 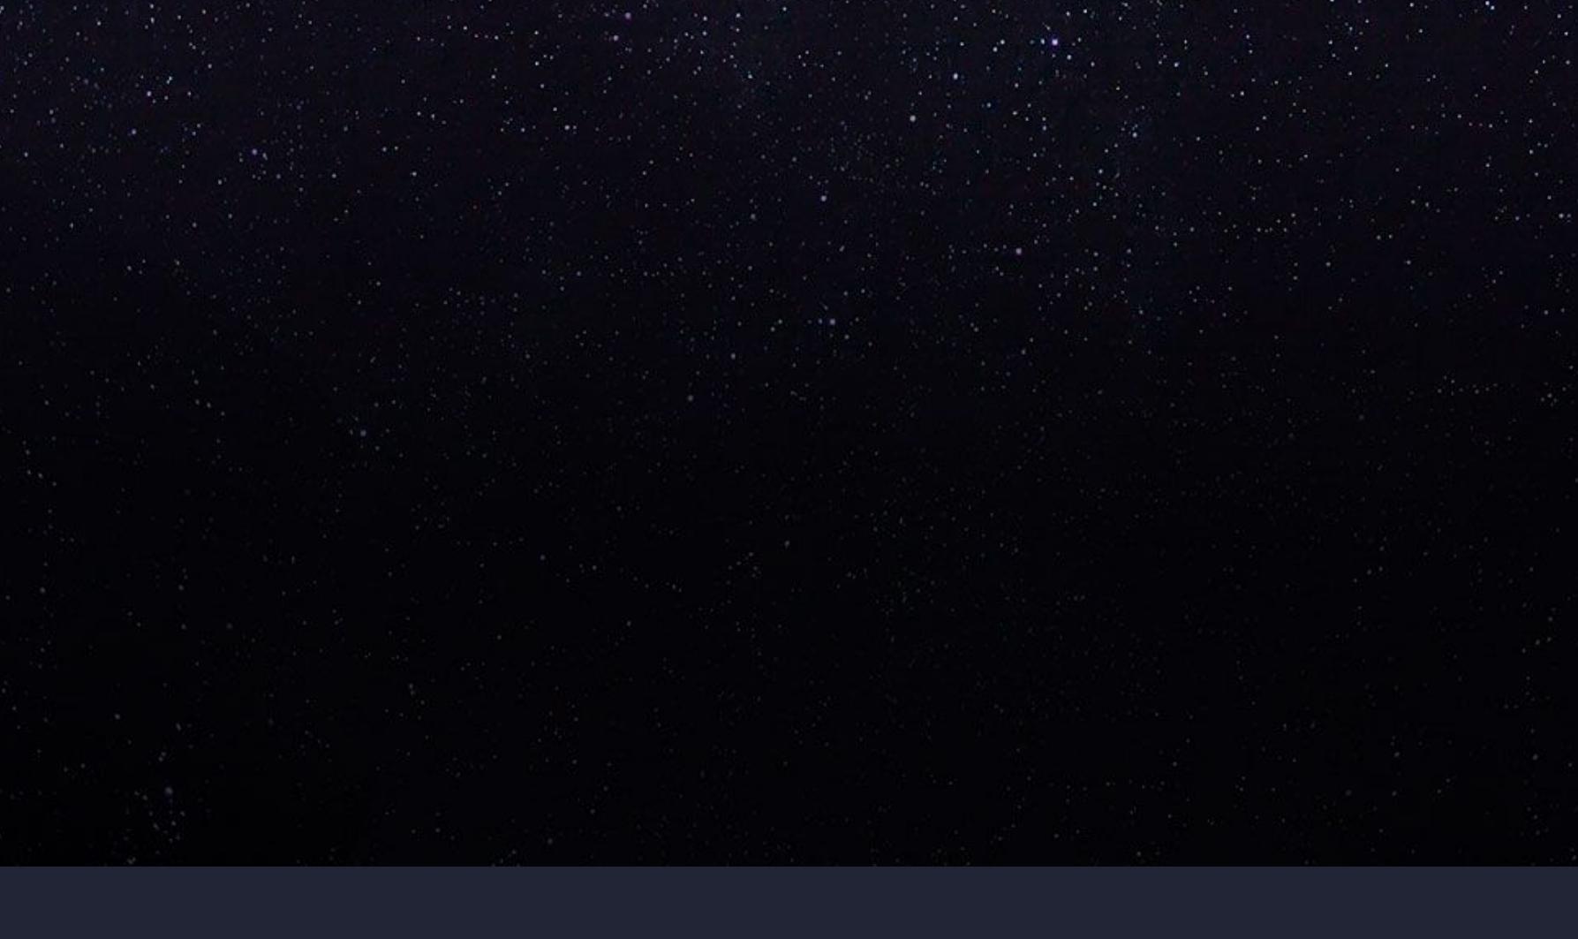 What do you see at coordinates (325, 605) in the screenshot?
I see `'REFER A MERCHANT'` at bounding box center [325, 605].